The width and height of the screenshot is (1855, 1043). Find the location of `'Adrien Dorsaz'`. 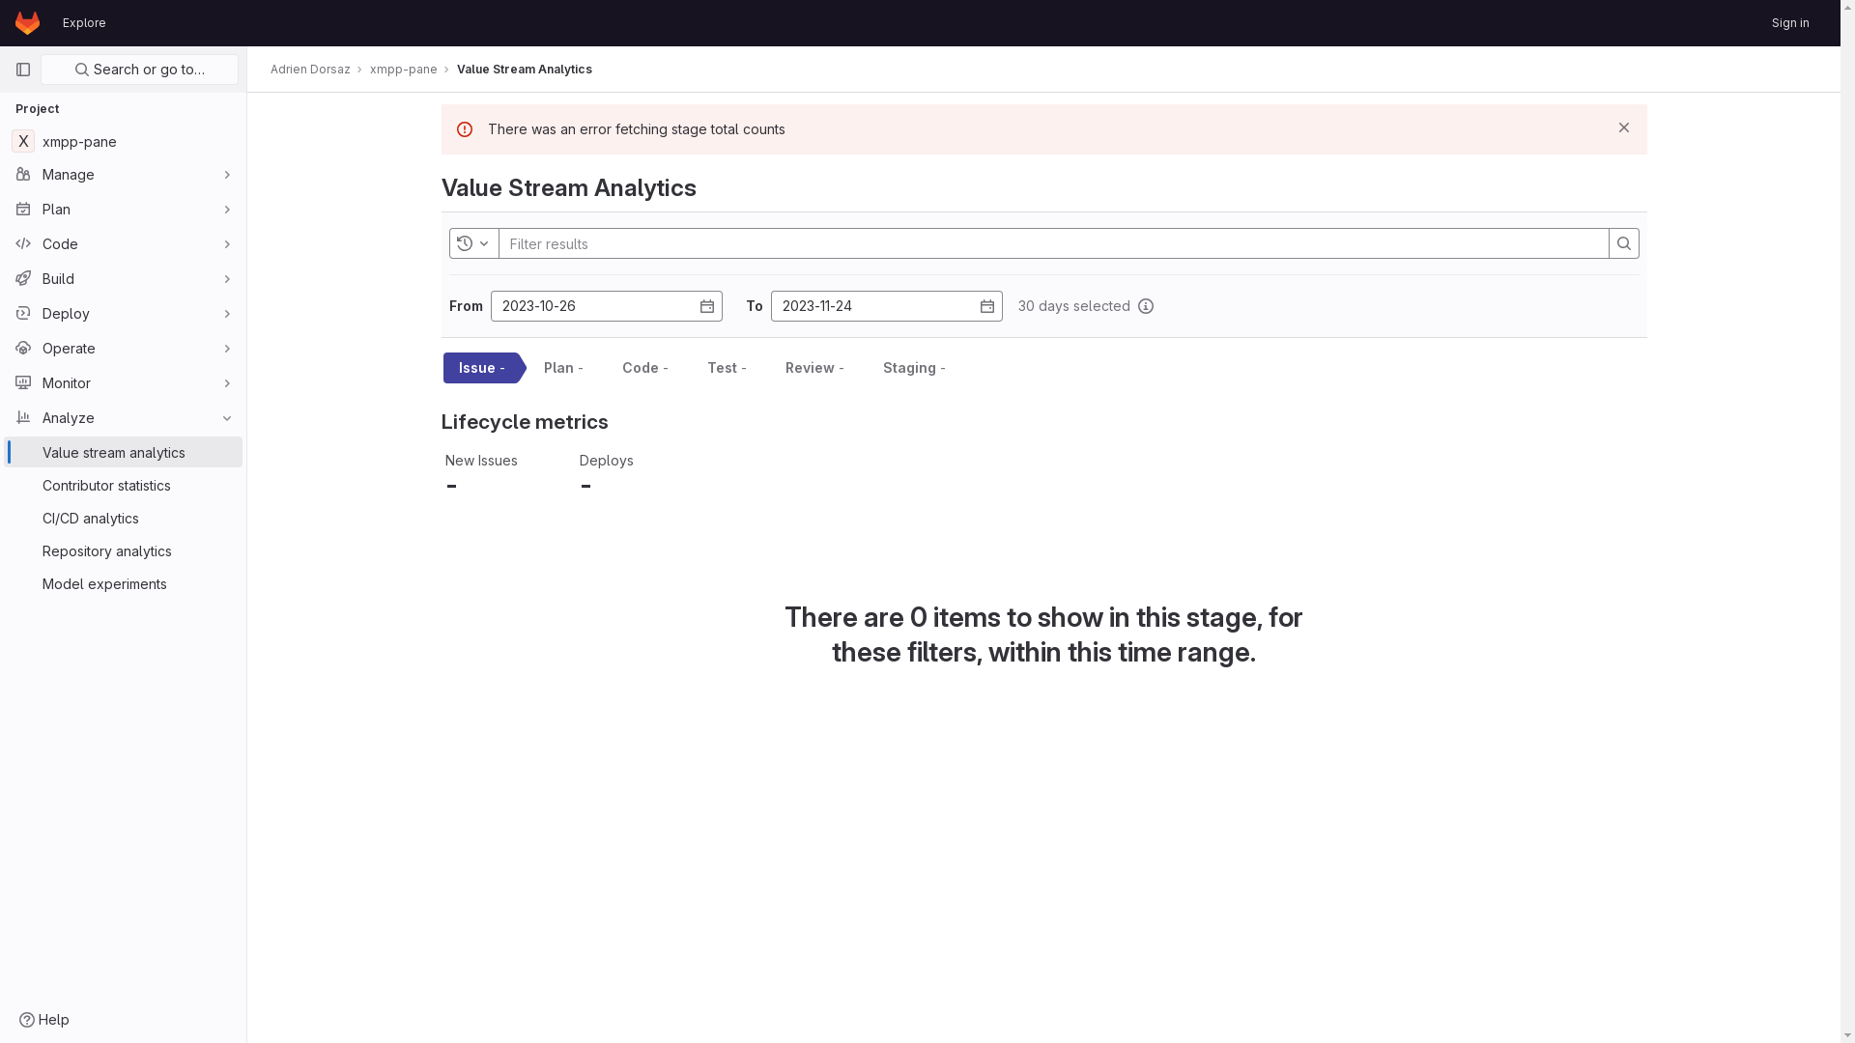

'Adrien Dorsaz' is located at coordinates (310, 69).